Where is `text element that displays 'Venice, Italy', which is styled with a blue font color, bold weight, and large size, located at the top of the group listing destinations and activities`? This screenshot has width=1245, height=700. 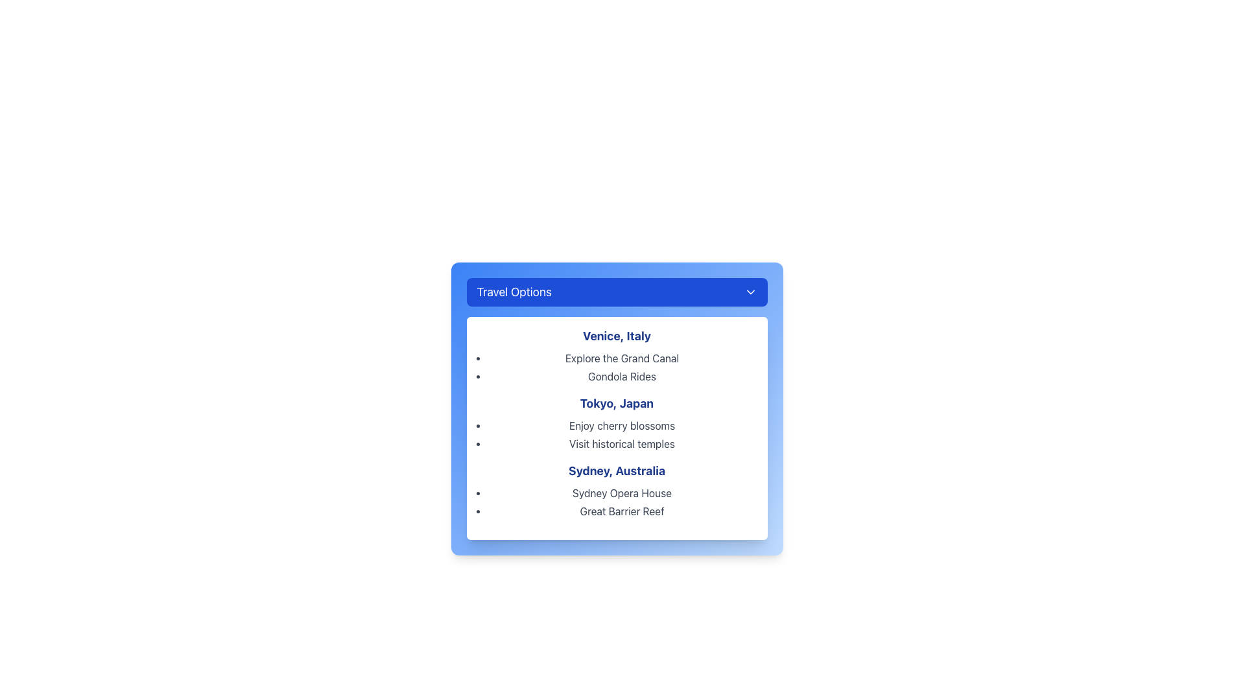 text element that displays 'Venice, Italy', which is styled with a blue font color, bold weight, and large size, located at the top of the group listing destinations and activities is located at coordinates (616, 336).